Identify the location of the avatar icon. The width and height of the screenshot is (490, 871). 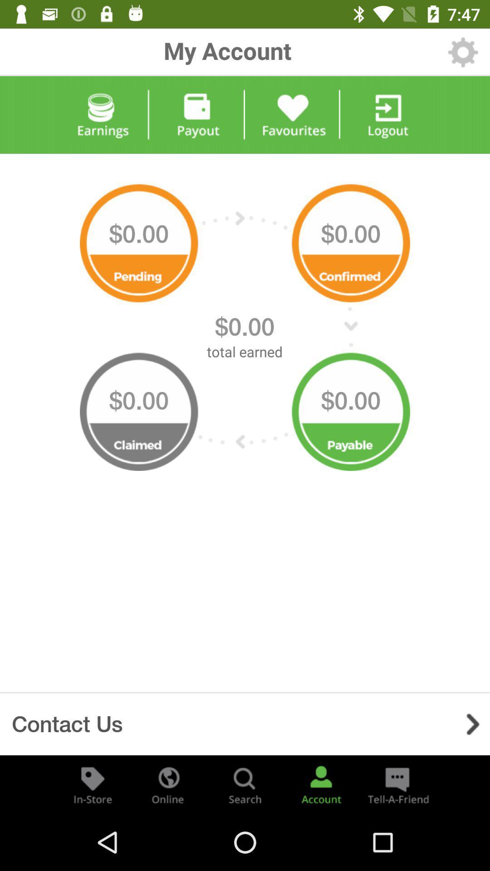
(321, 784).